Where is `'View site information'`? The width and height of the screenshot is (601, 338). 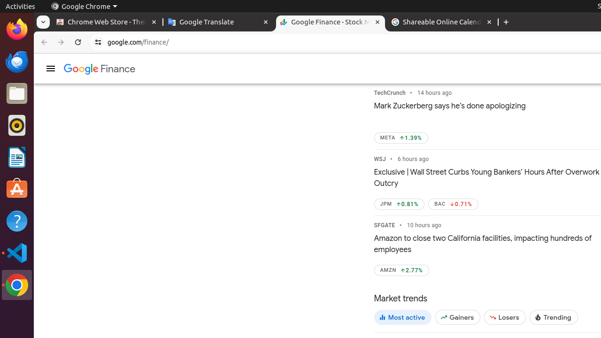
'View site information' is located at coordinates (98, 42).